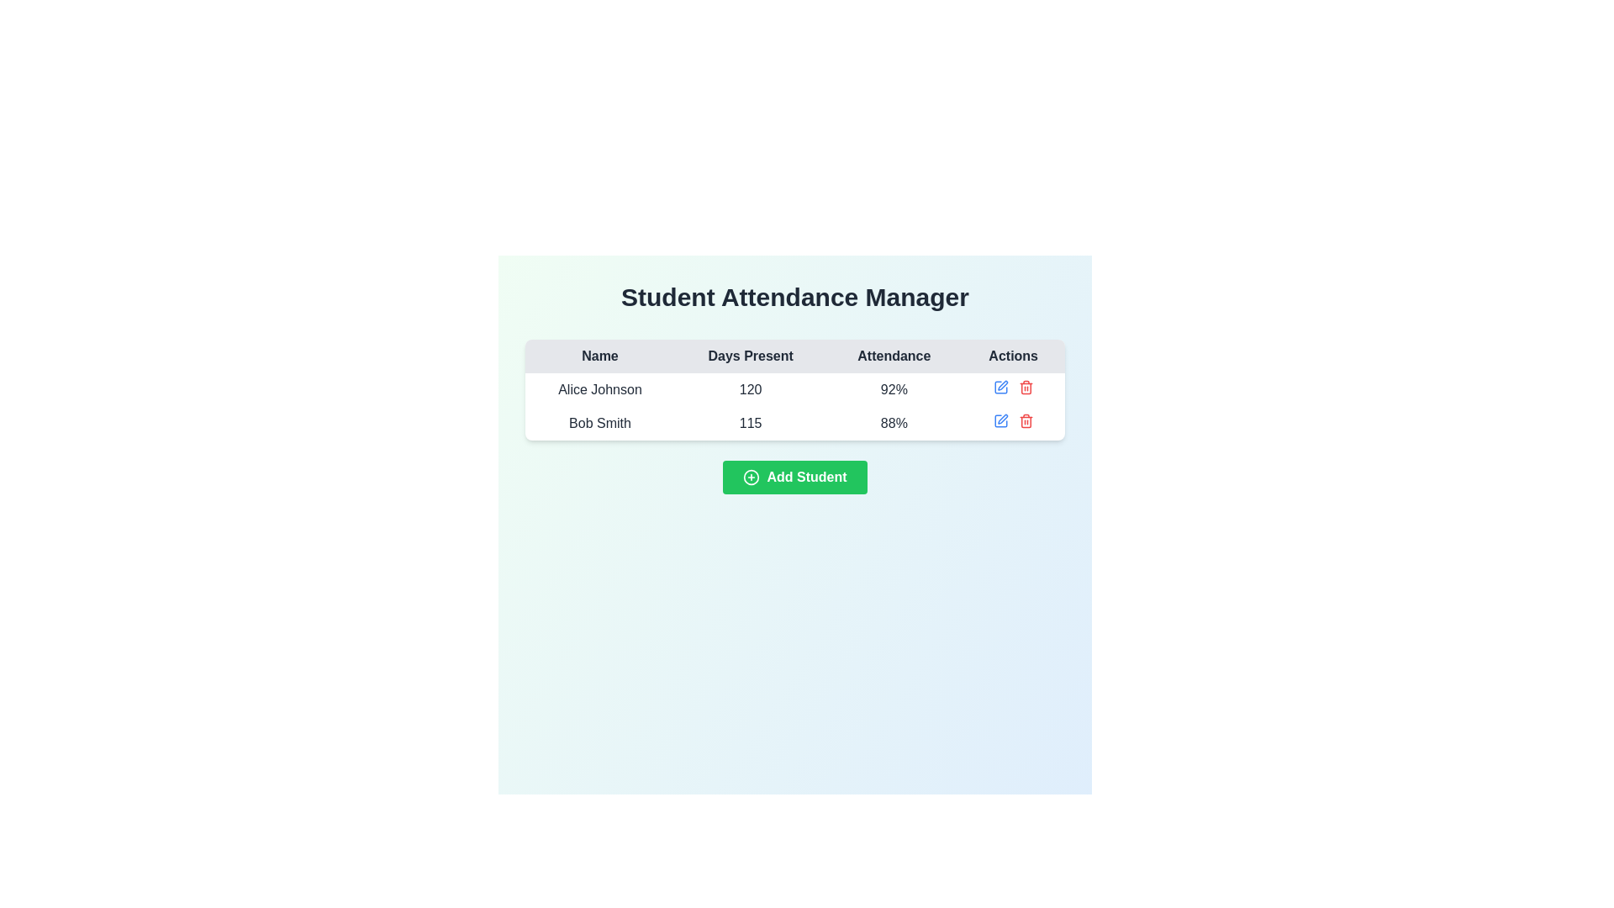  Describe the element at coordinates (794, 423) in the screenshot. I see `the tabular row containing the name 'Bob Smith', the number '115', and the percentage '88%', which is located` at that location.